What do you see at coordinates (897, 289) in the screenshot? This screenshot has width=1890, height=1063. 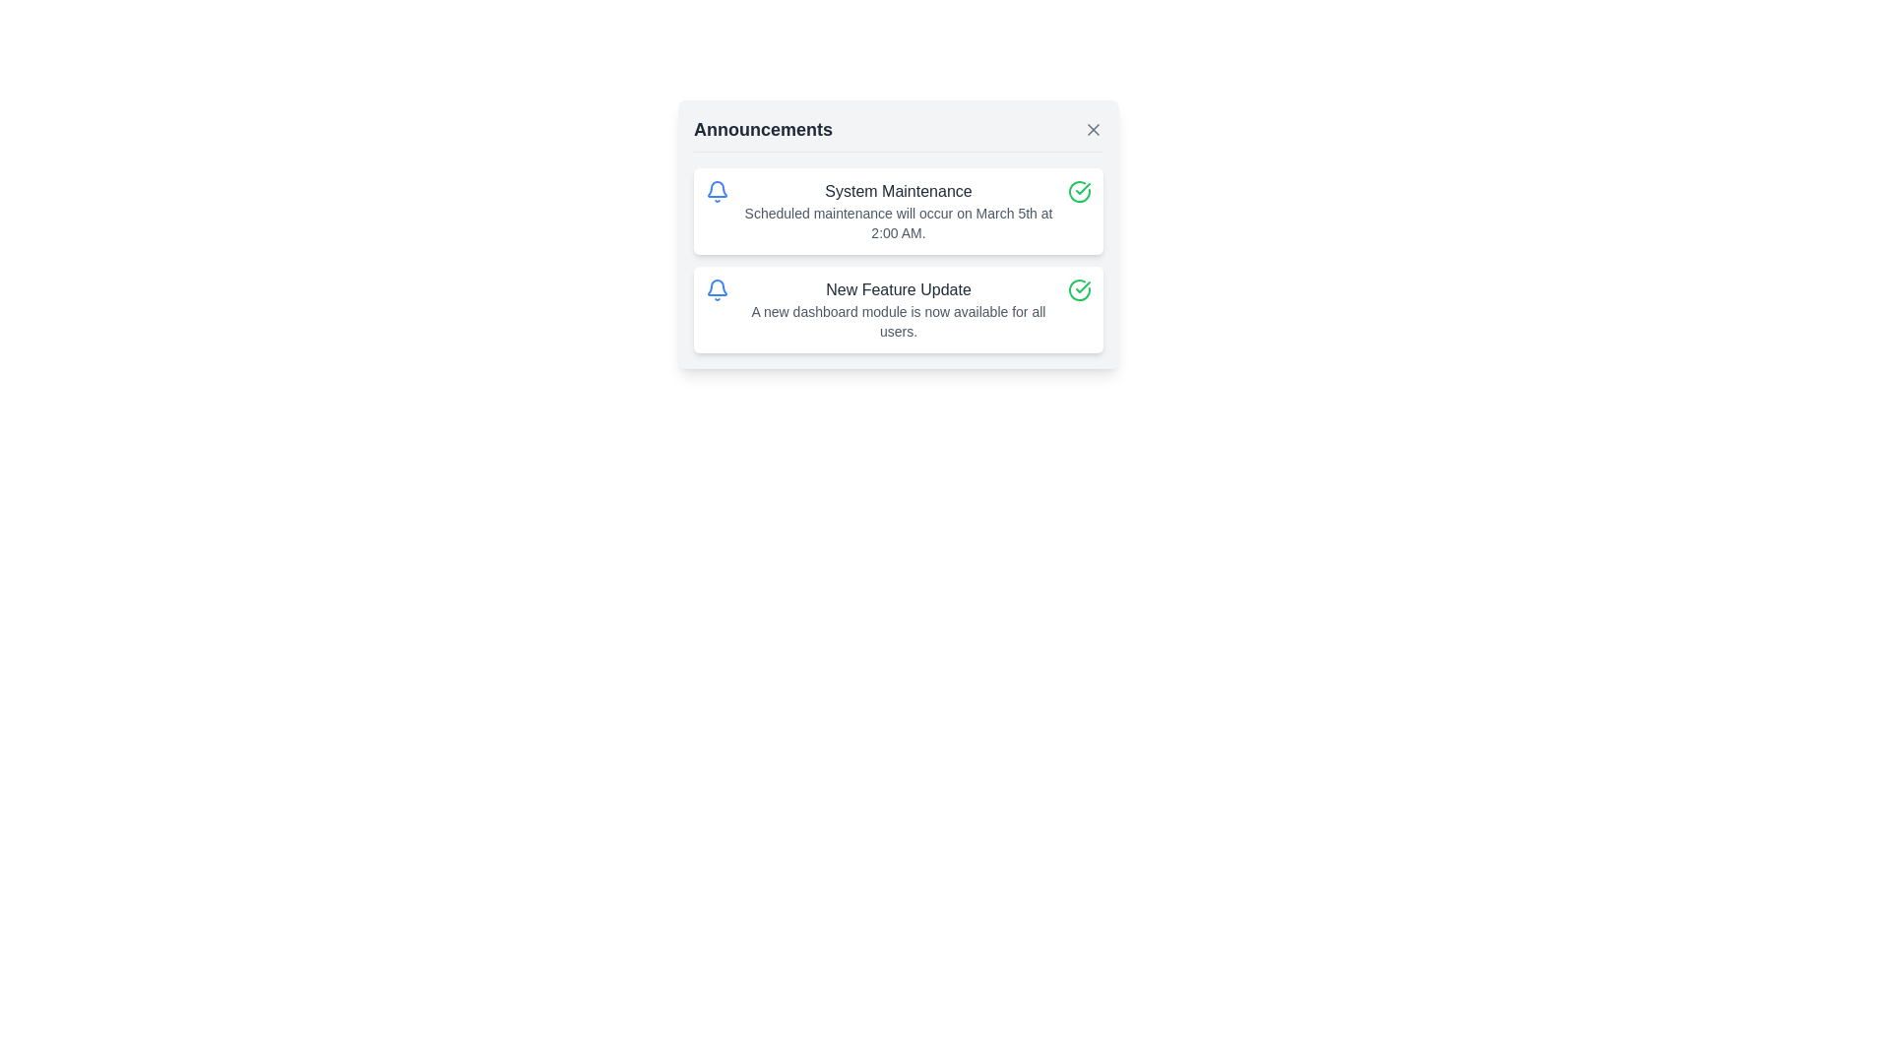 I see `the text line stating 'New Feature Update' in the second notification block to focus on it` at bounding box center [897, 289].